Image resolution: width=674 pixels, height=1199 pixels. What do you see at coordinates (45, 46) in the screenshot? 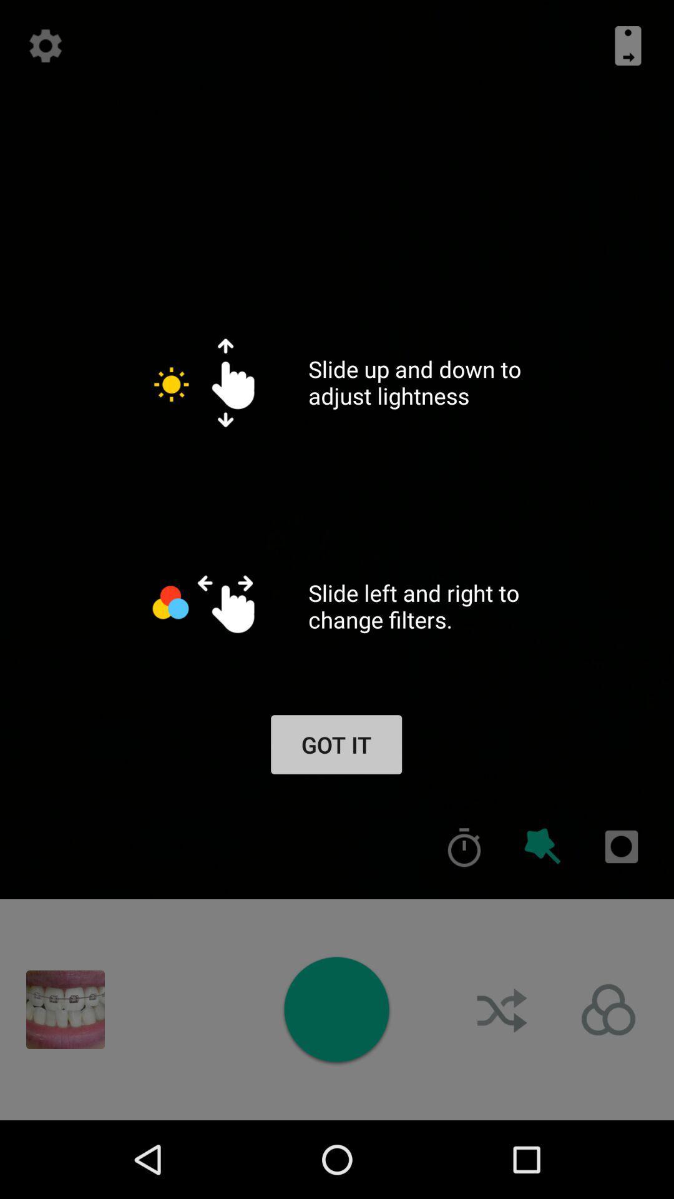
I see `refresh` at bounding box center [45, 46].